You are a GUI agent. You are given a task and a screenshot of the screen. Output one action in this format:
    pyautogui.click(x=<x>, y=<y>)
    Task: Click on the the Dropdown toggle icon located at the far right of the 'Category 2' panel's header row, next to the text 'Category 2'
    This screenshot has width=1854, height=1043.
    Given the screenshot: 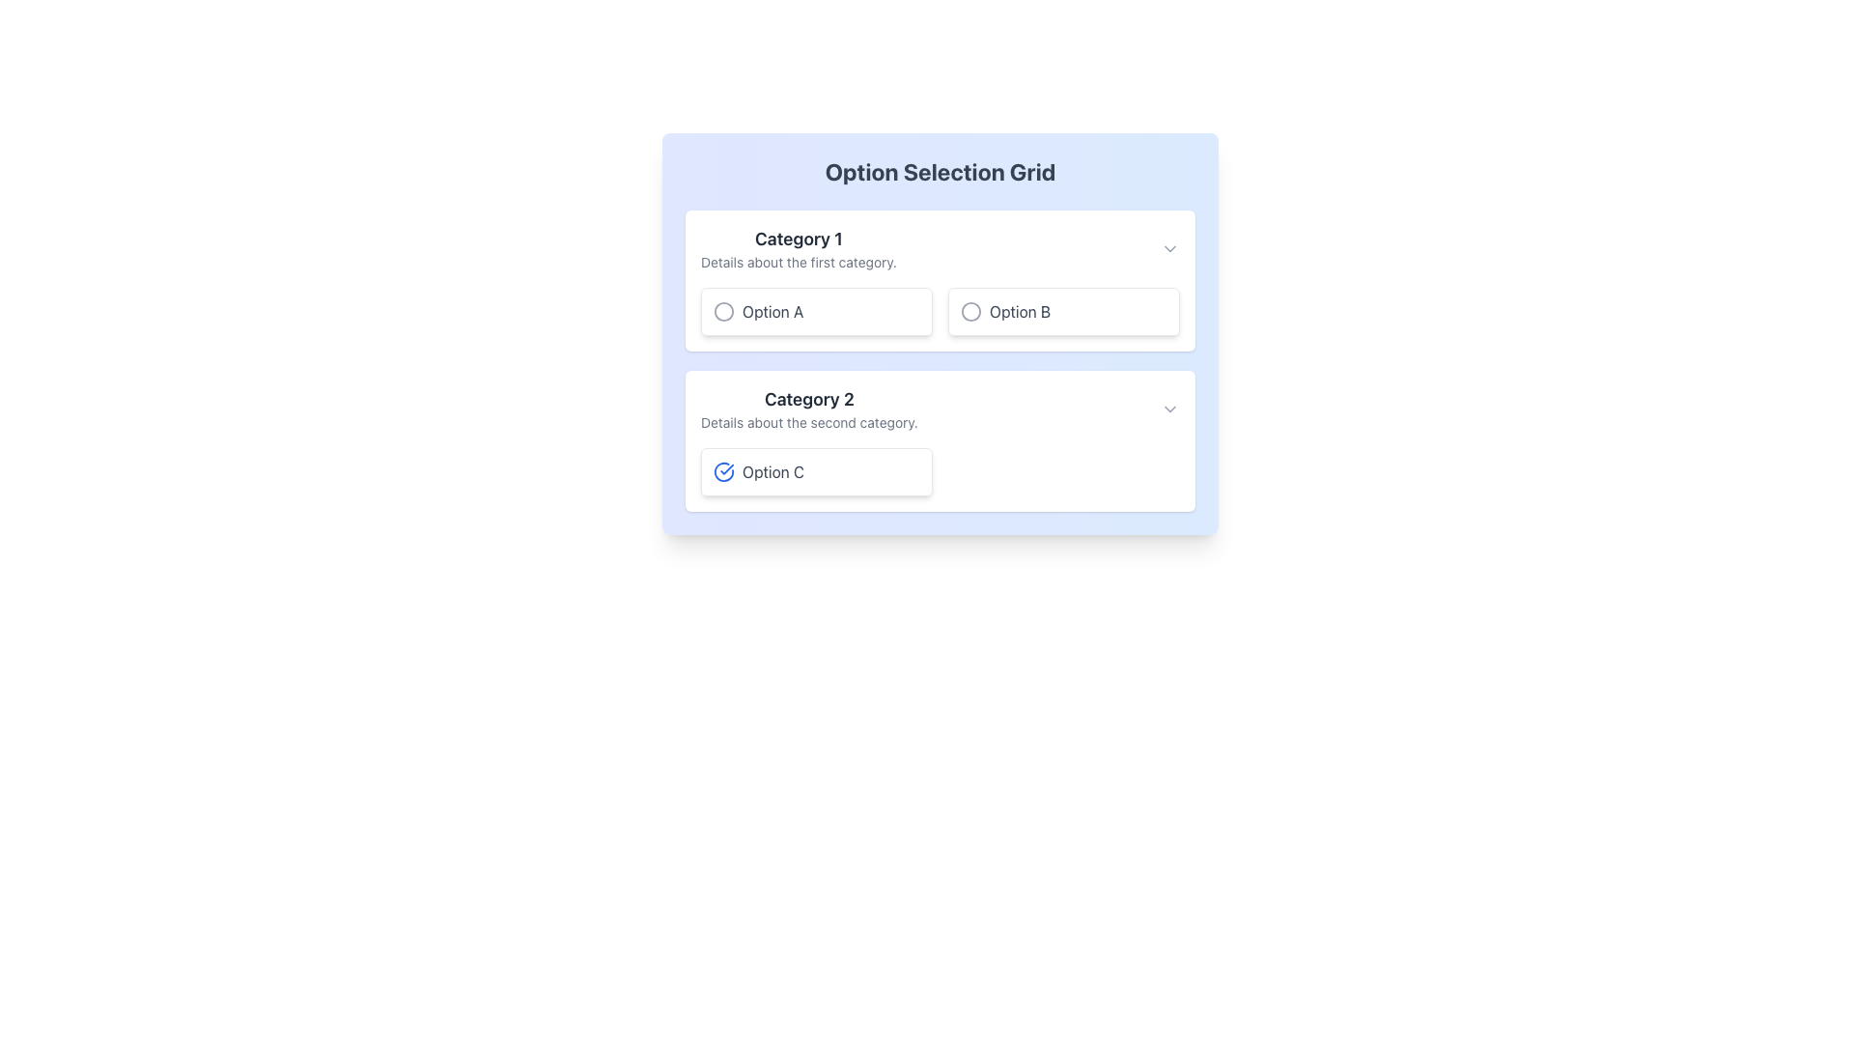 What is the action you would take?
    pyautogui.click(x=1168, y=409)
    